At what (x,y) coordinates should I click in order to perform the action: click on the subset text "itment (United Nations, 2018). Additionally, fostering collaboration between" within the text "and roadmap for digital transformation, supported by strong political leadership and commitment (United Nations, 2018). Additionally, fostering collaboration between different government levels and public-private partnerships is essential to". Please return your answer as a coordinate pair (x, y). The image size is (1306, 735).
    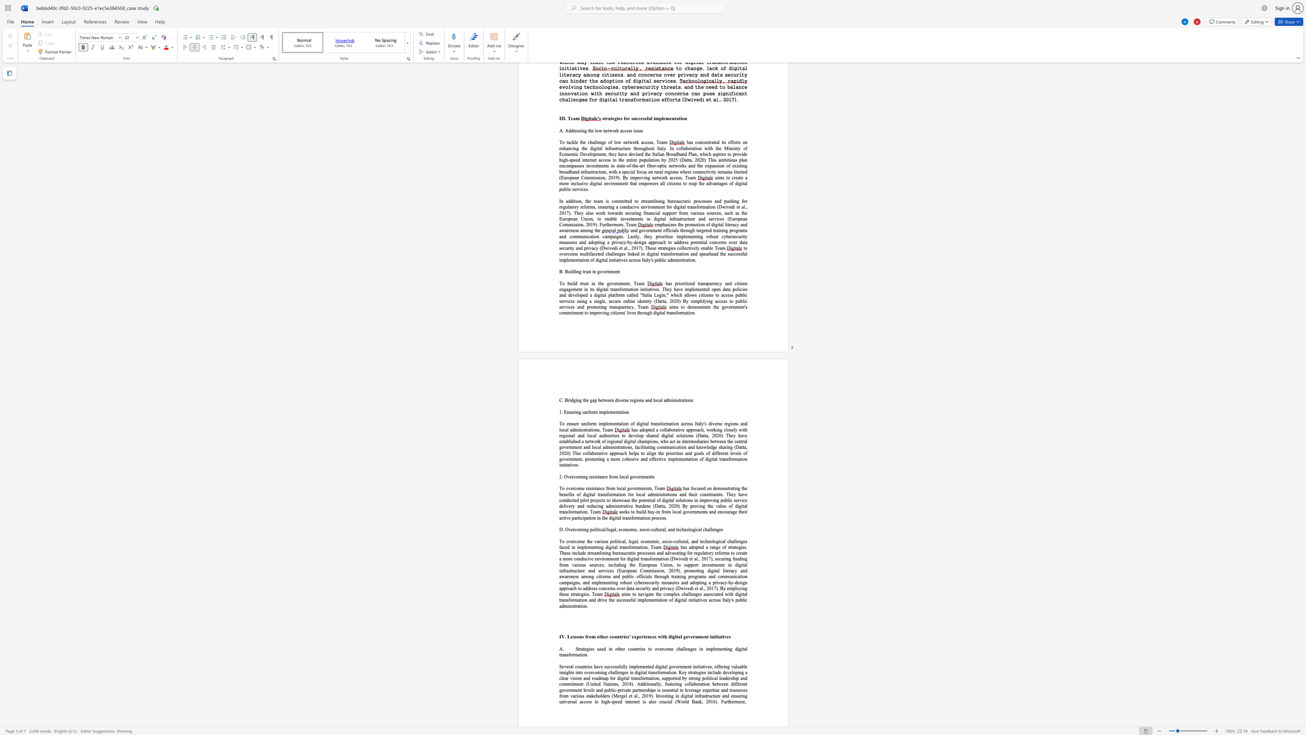
    Looking at the image, I should click on (571, 684).